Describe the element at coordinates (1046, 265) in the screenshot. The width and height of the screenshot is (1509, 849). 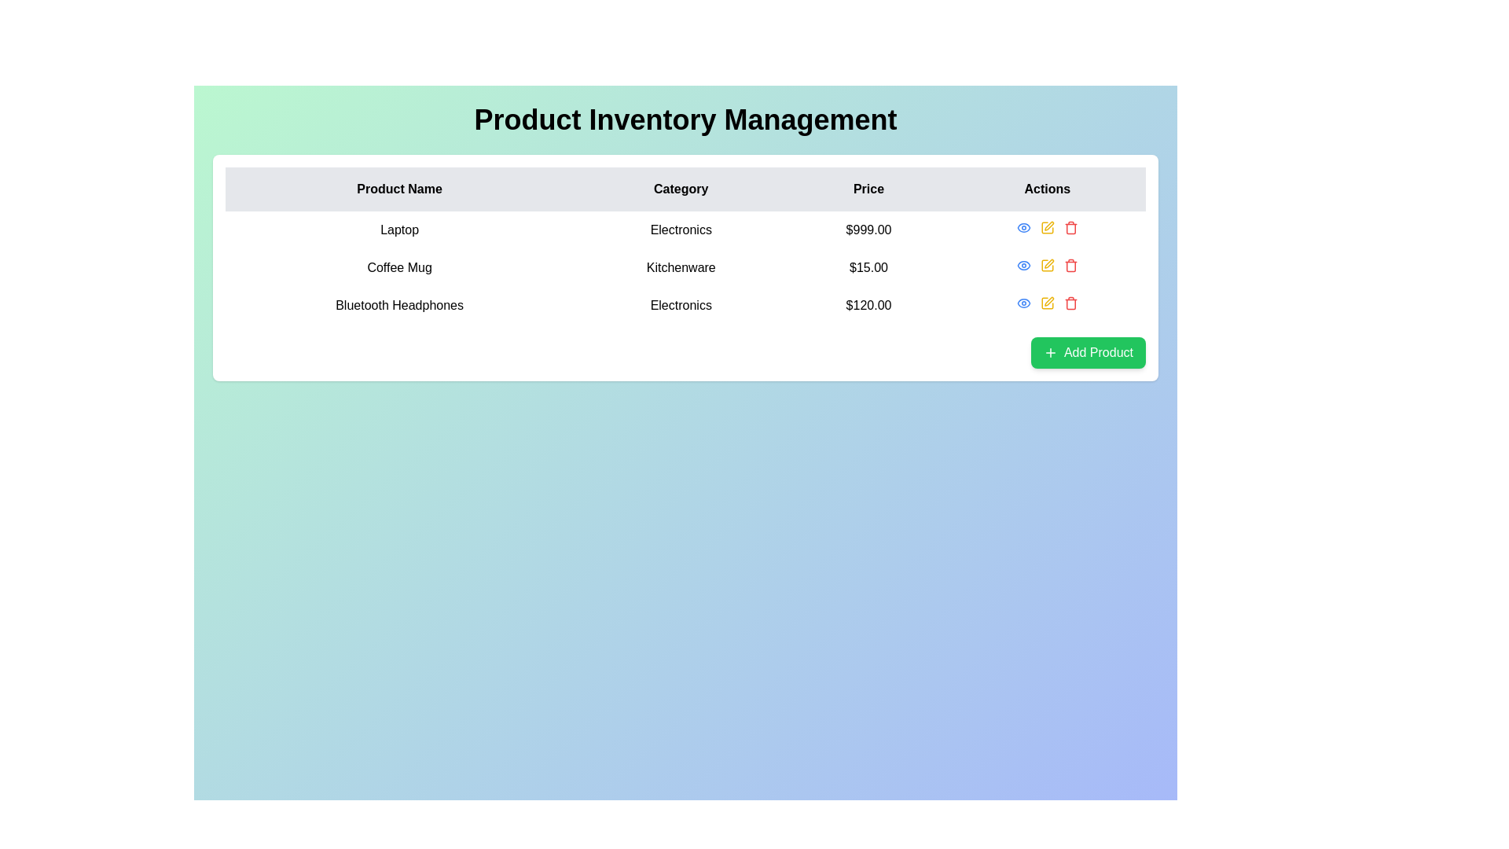
I see `the 'Coffee Mug' action icon, which is a square-shaped icon outlined in black, located in the second row of the 'Actions' column, between the 'View' and 'Delete' icons` at that location.